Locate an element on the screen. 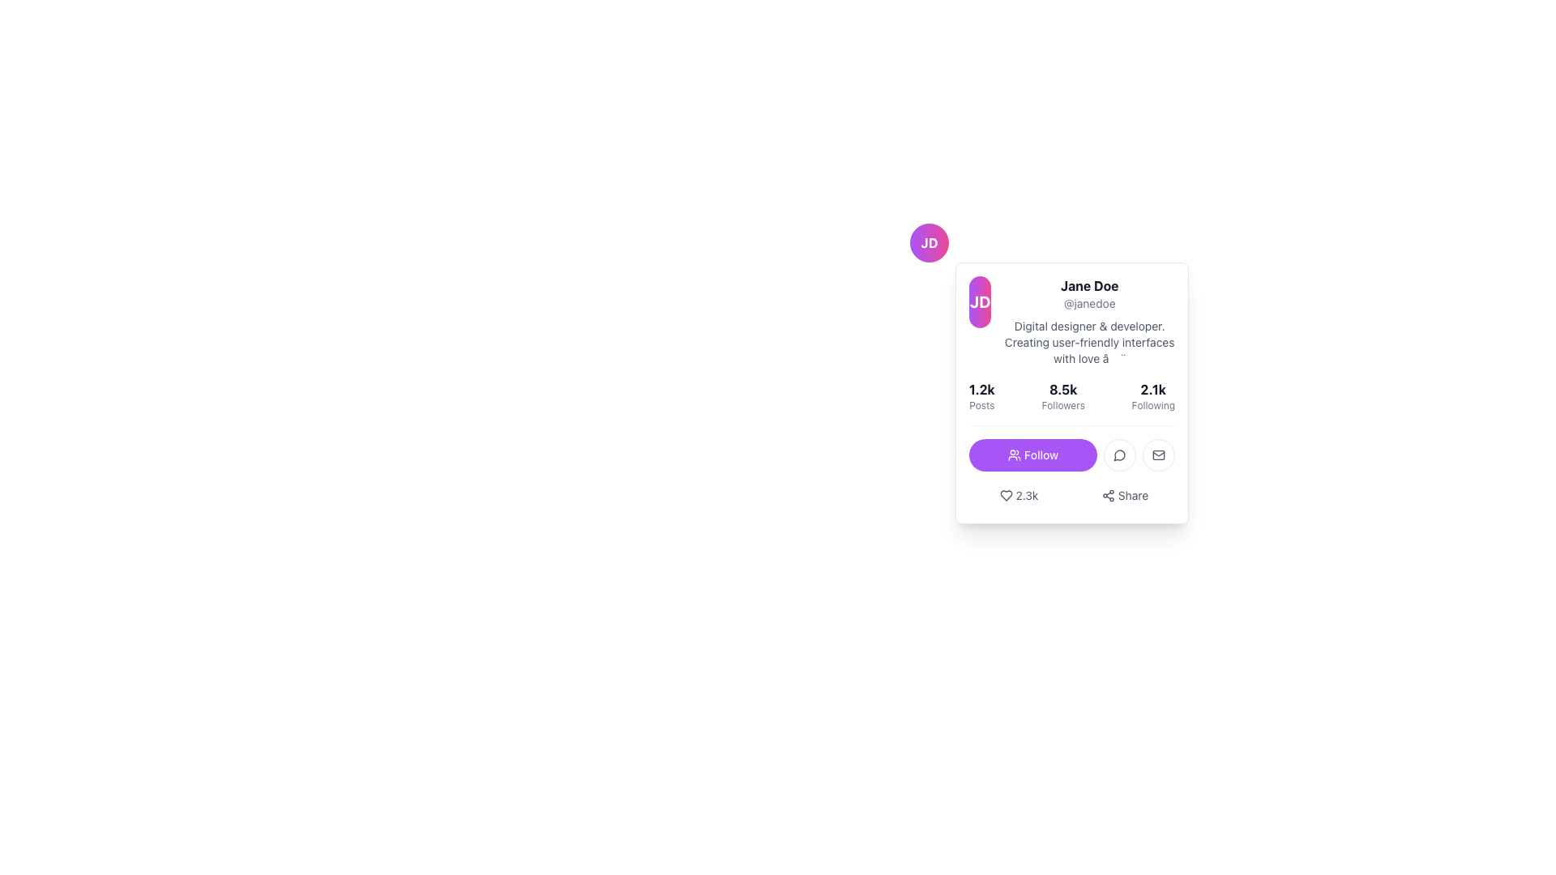 This screenshot has width=1556, height=875. bold numeric text label displaying '2.1k' which conveys a metric or count, positioned above the 'Following' label in the profile card layout is located at coordinates (1152, 390).